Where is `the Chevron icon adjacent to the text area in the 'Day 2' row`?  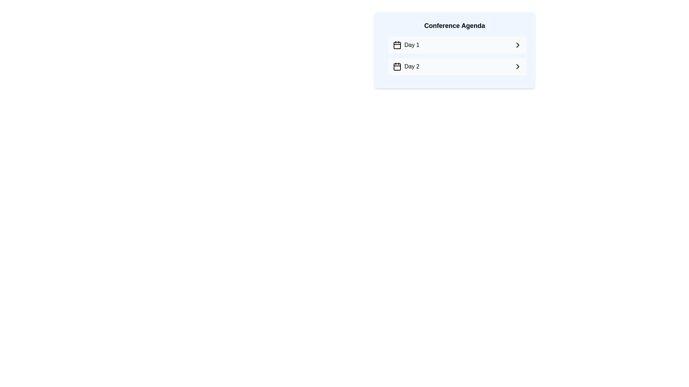
the Chevron icon adjacent to the text area in the 'Day 2' row is located at coordinates (518, 66).